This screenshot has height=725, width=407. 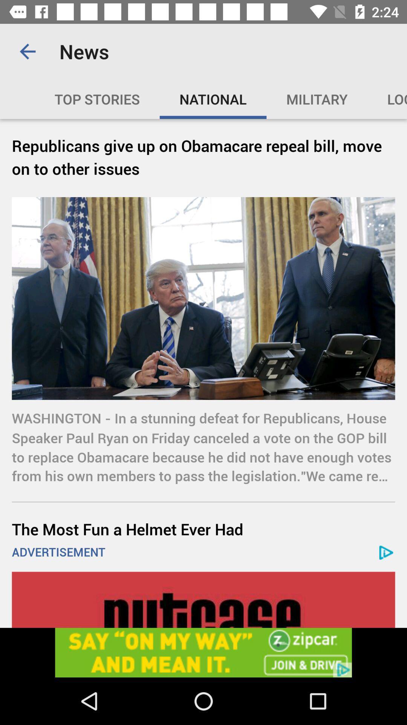 What do you see at coordinates (203, 652) in the screenshot?
I see `advertisement` at bounding box center [203, 652].